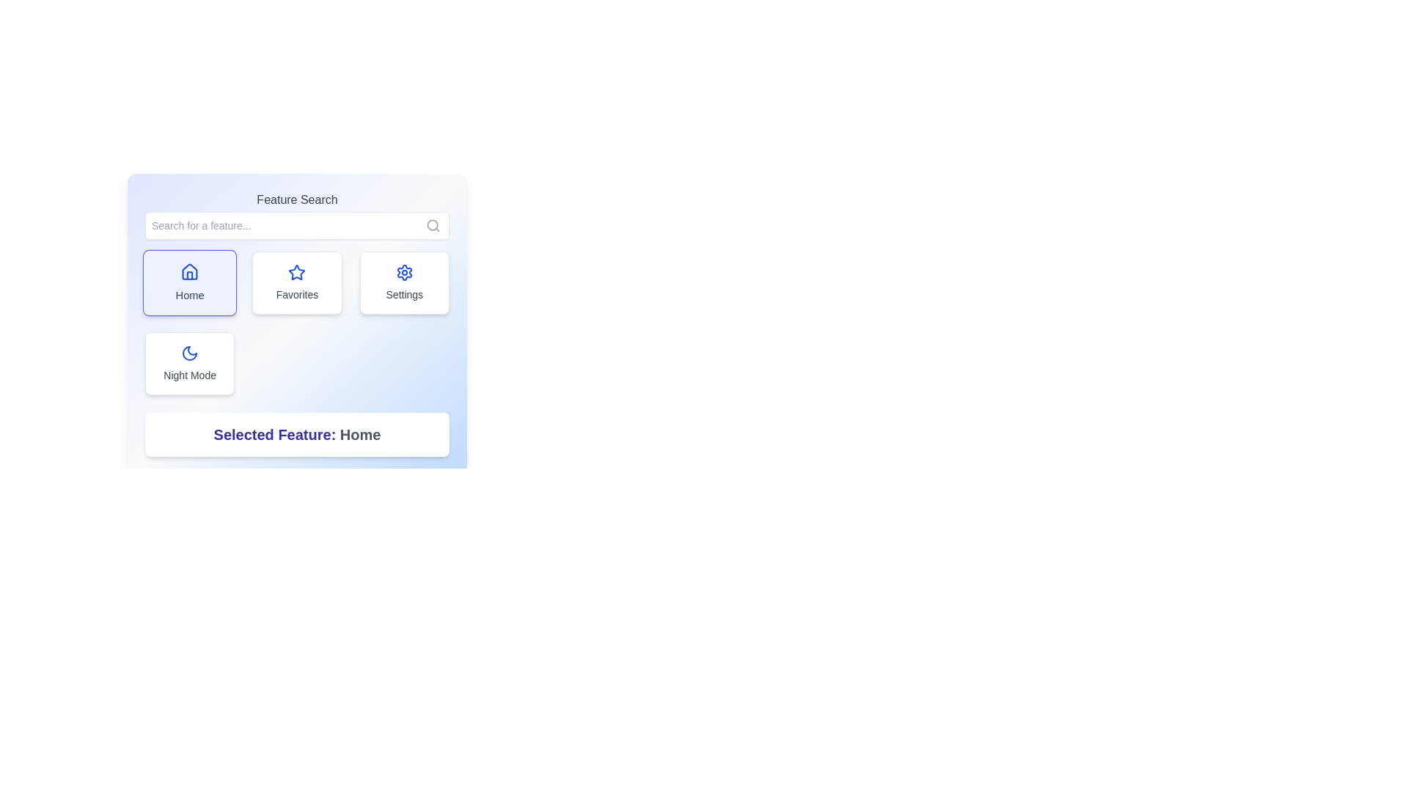 This screenshot has width=1408, height=792. Describe the element at coordinates (404, 294) in the screenshot. I see `the 'Settings' text label, which is styled in a small font size and medium weight with a gray color, located below the gear icon in the 'Settings' card positioned in the top right corner of the interface` at that location.